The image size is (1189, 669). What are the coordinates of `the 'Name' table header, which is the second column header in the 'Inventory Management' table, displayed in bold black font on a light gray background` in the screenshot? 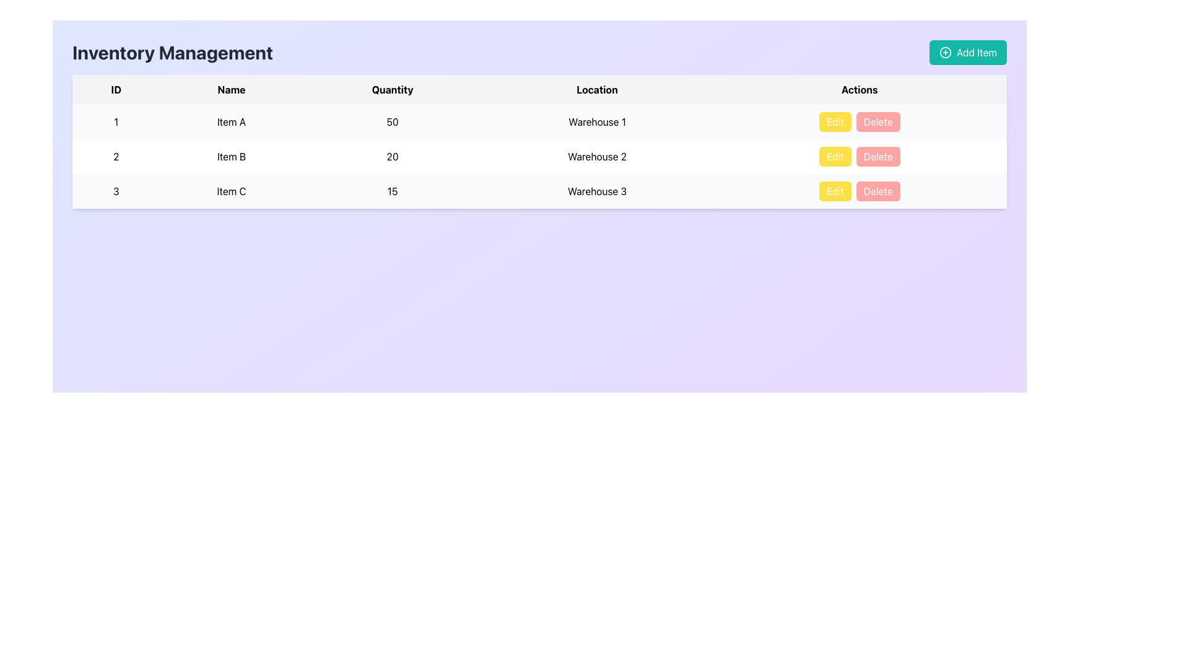 It's located at (232, 89).